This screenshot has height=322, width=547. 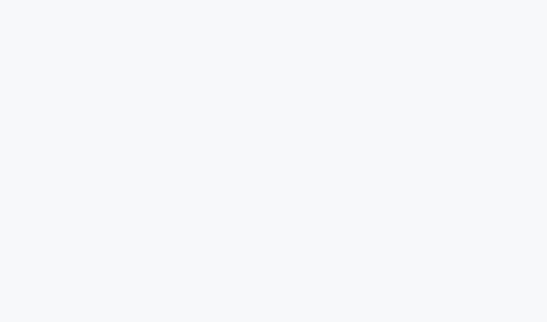 I want to click on 'Original Article', so click(x=42, y=62).